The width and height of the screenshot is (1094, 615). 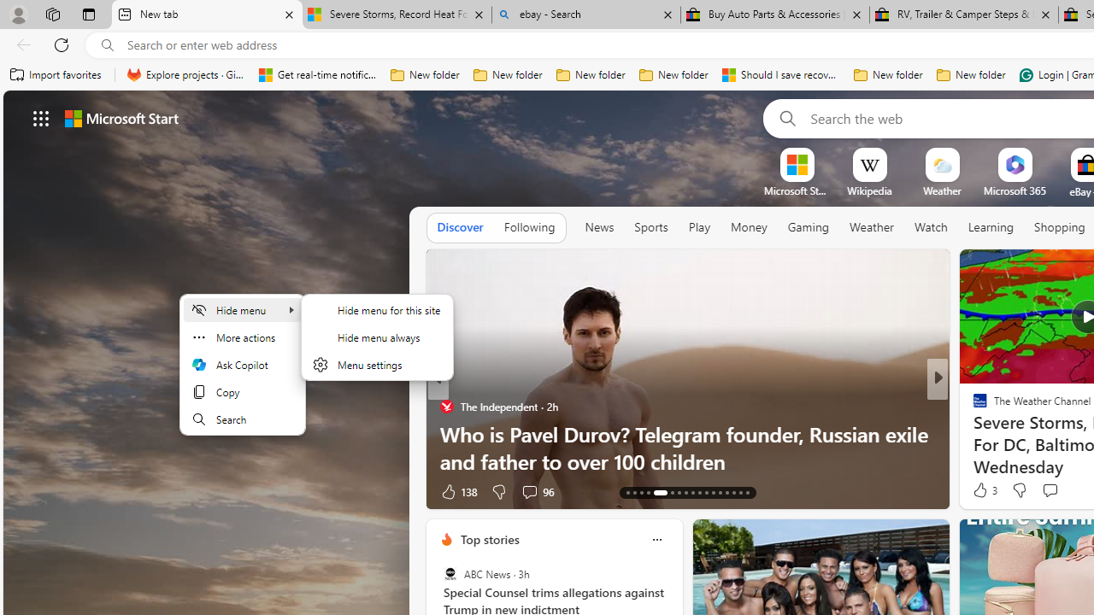 I want to click on 'Ask Copilot', so click(x=242, y=363).